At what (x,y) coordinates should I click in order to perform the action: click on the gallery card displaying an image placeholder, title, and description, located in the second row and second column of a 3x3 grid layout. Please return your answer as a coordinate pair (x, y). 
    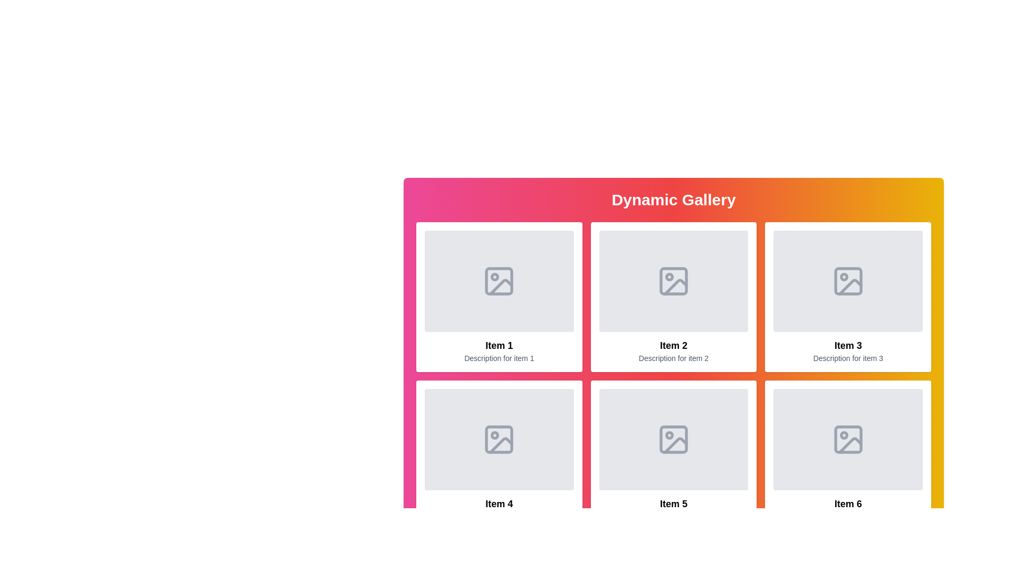
    Looking at the image, I should click on (673, 455).